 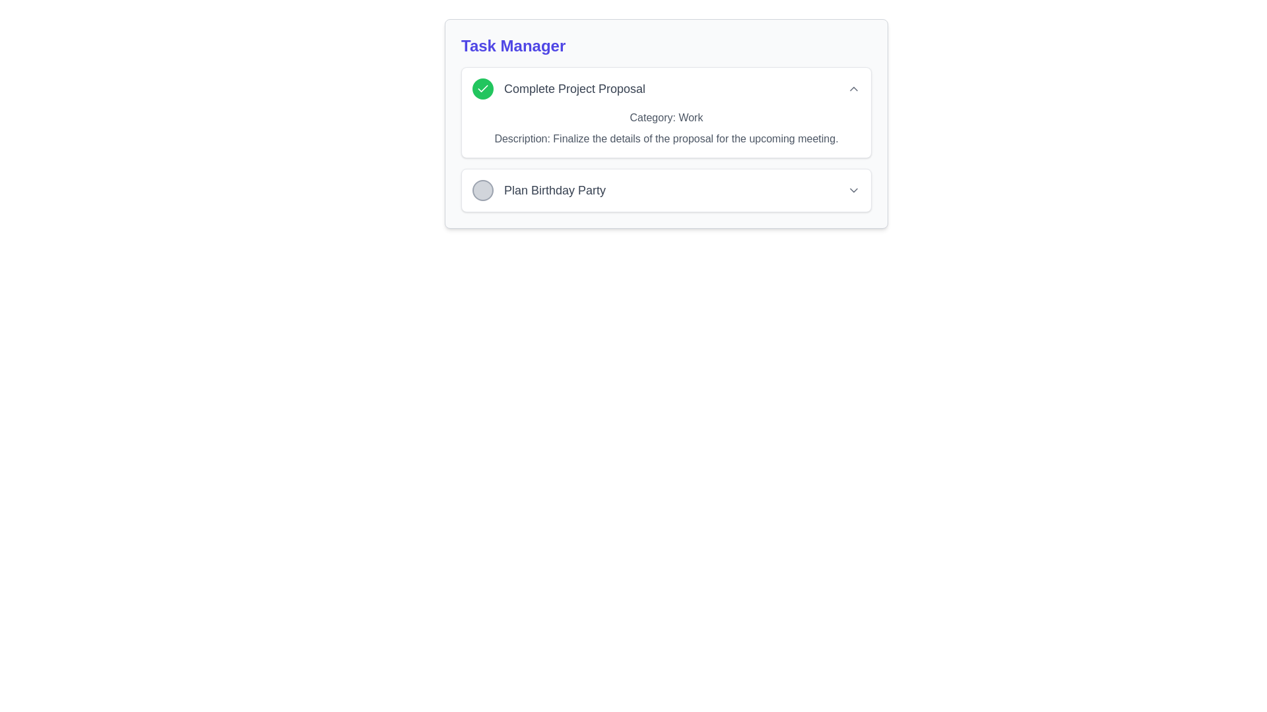 I want to click on the green checkmark icon within the round green background indicating the completion of the task 'Complete Project Proposal', so click(x=482, y=88).